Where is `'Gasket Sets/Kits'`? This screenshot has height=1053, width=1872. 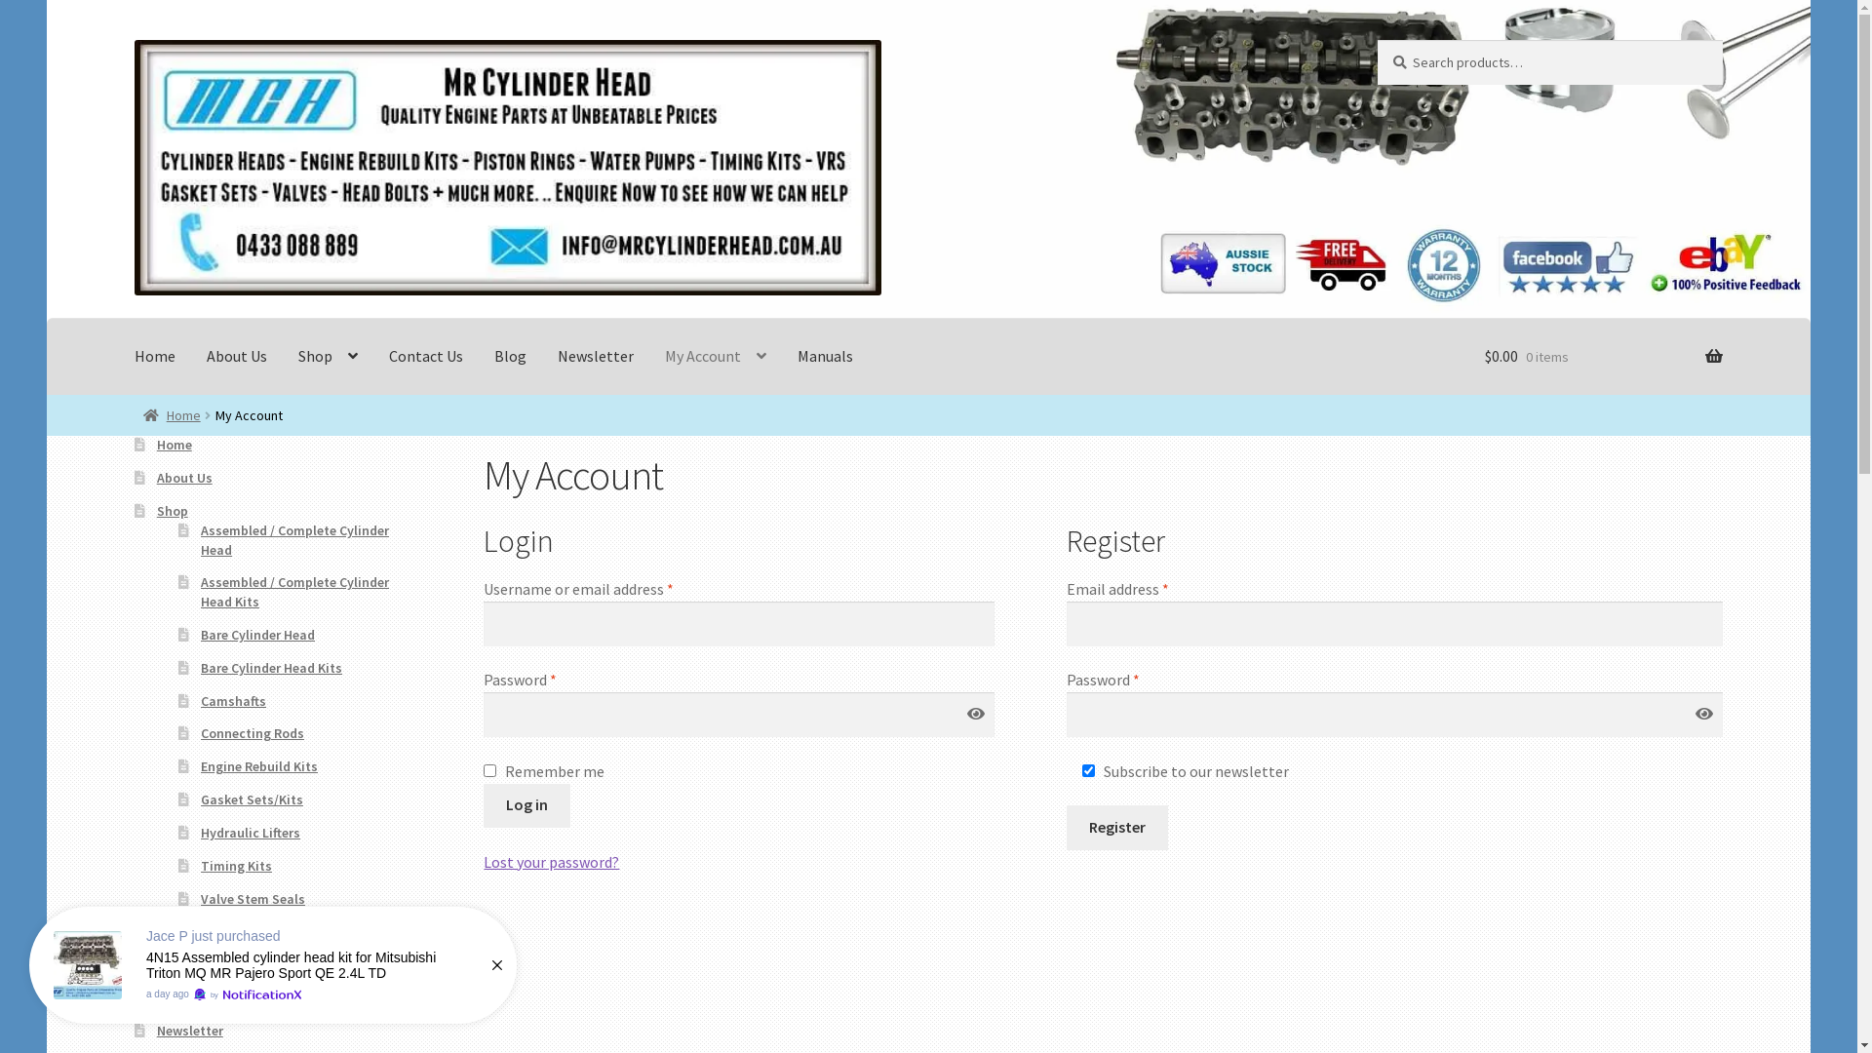
'Gasket Sets/Kits' is located at coordinates (251, 799).